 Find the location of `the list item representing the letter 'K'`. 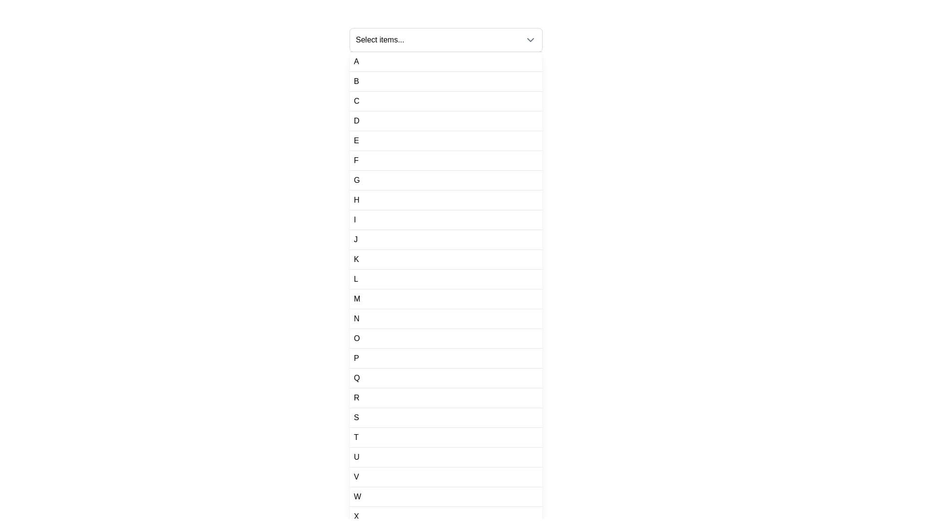

the list item representing the letter 'K' is located at coordinates (446, 259).